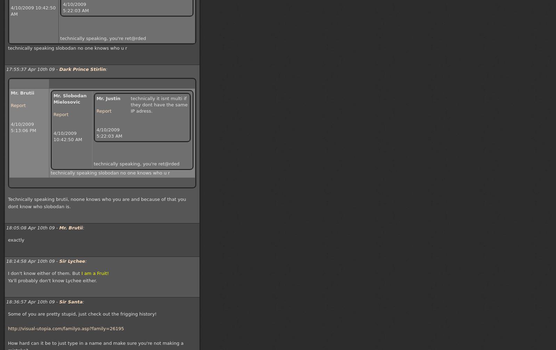 The width and height of the screenshot is (556, 350). I want to click on 'exactly', so click(15, 239).